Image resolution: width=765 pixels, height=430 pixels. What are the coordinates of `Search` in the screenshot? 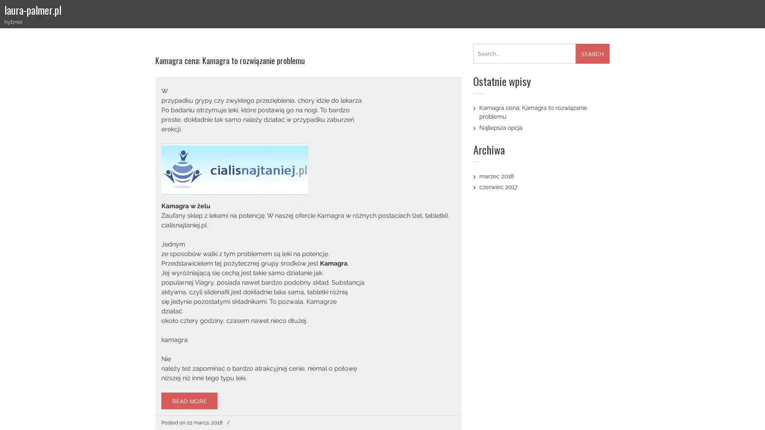 It's located at (592, 54).